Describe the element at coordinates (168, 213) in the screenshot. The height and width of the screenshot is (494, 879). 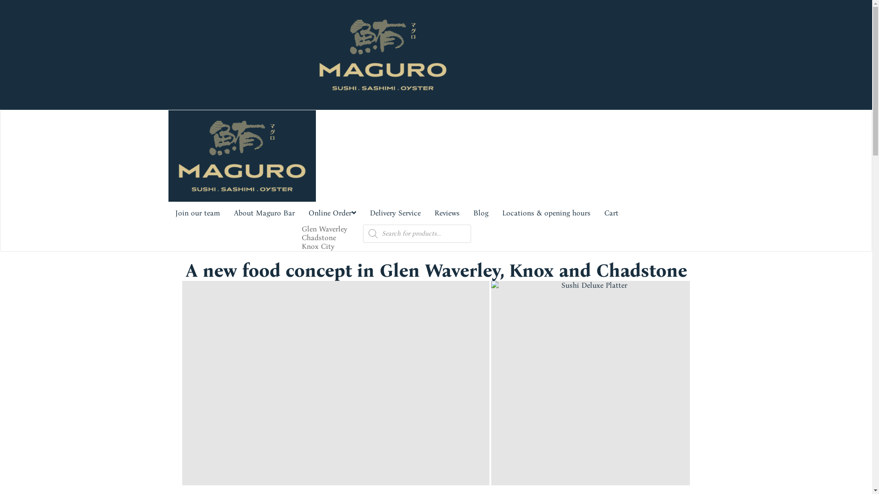
I see `'Join our team'` at that location.